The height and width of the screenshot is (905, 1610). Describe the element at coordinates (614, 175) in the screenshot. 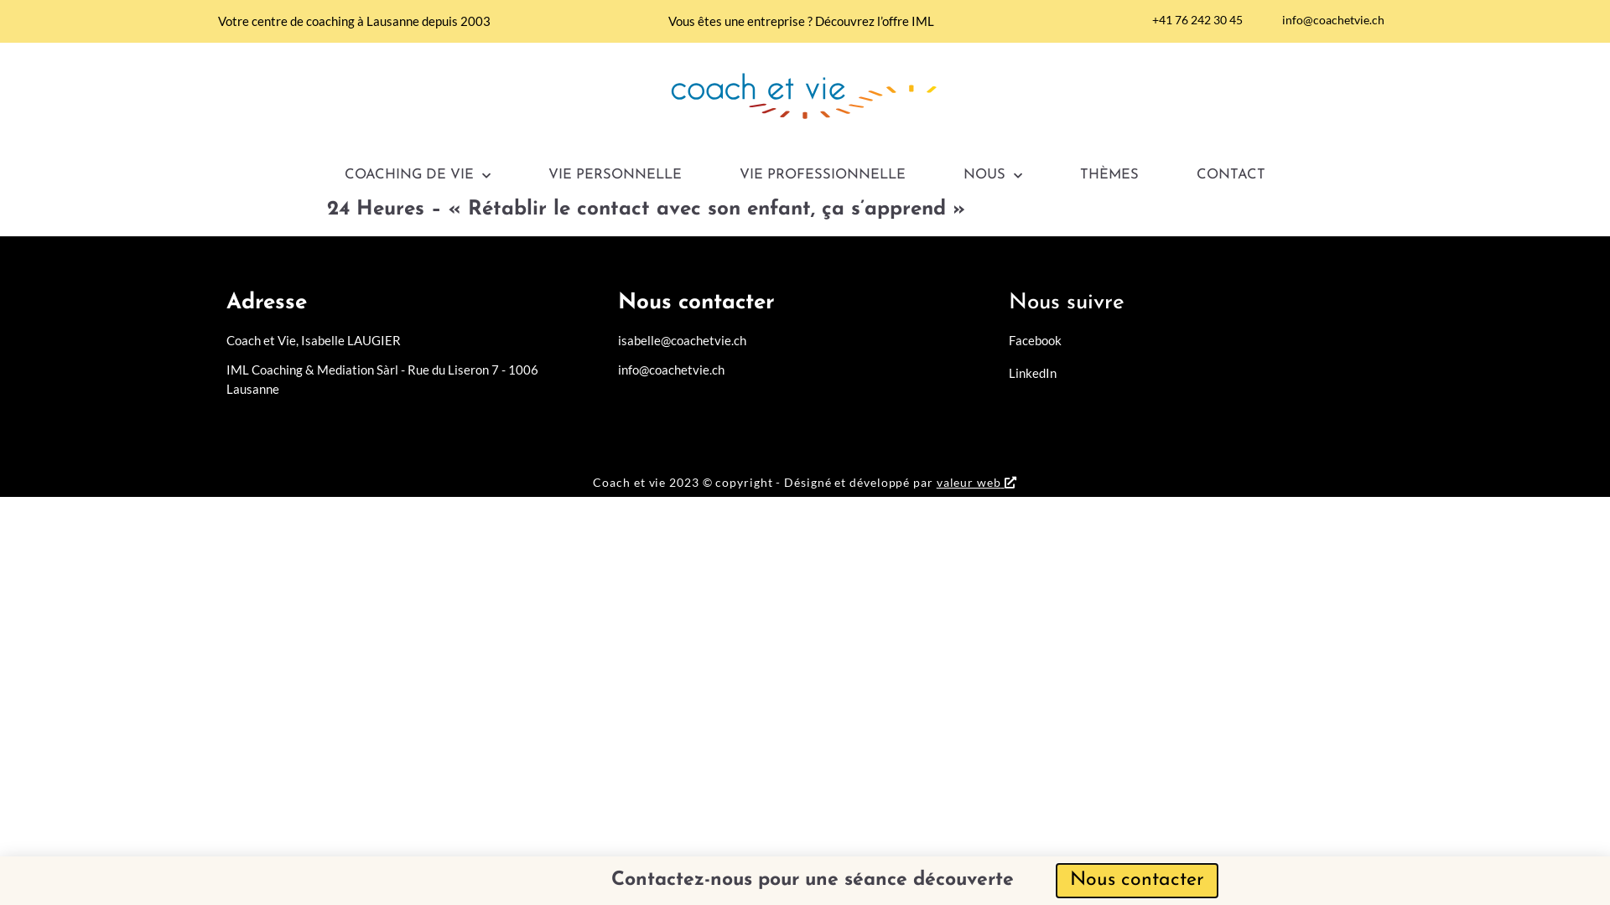

I see `'VIE PERSONNELLE'` at that location.